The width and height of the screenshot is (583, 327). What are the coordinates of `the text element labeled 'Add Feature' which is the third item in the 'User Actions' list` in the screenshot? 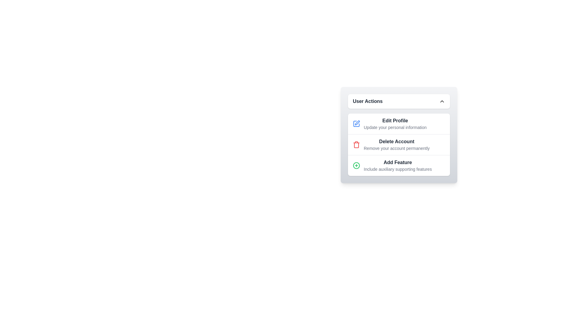 It's located at (398, 166).